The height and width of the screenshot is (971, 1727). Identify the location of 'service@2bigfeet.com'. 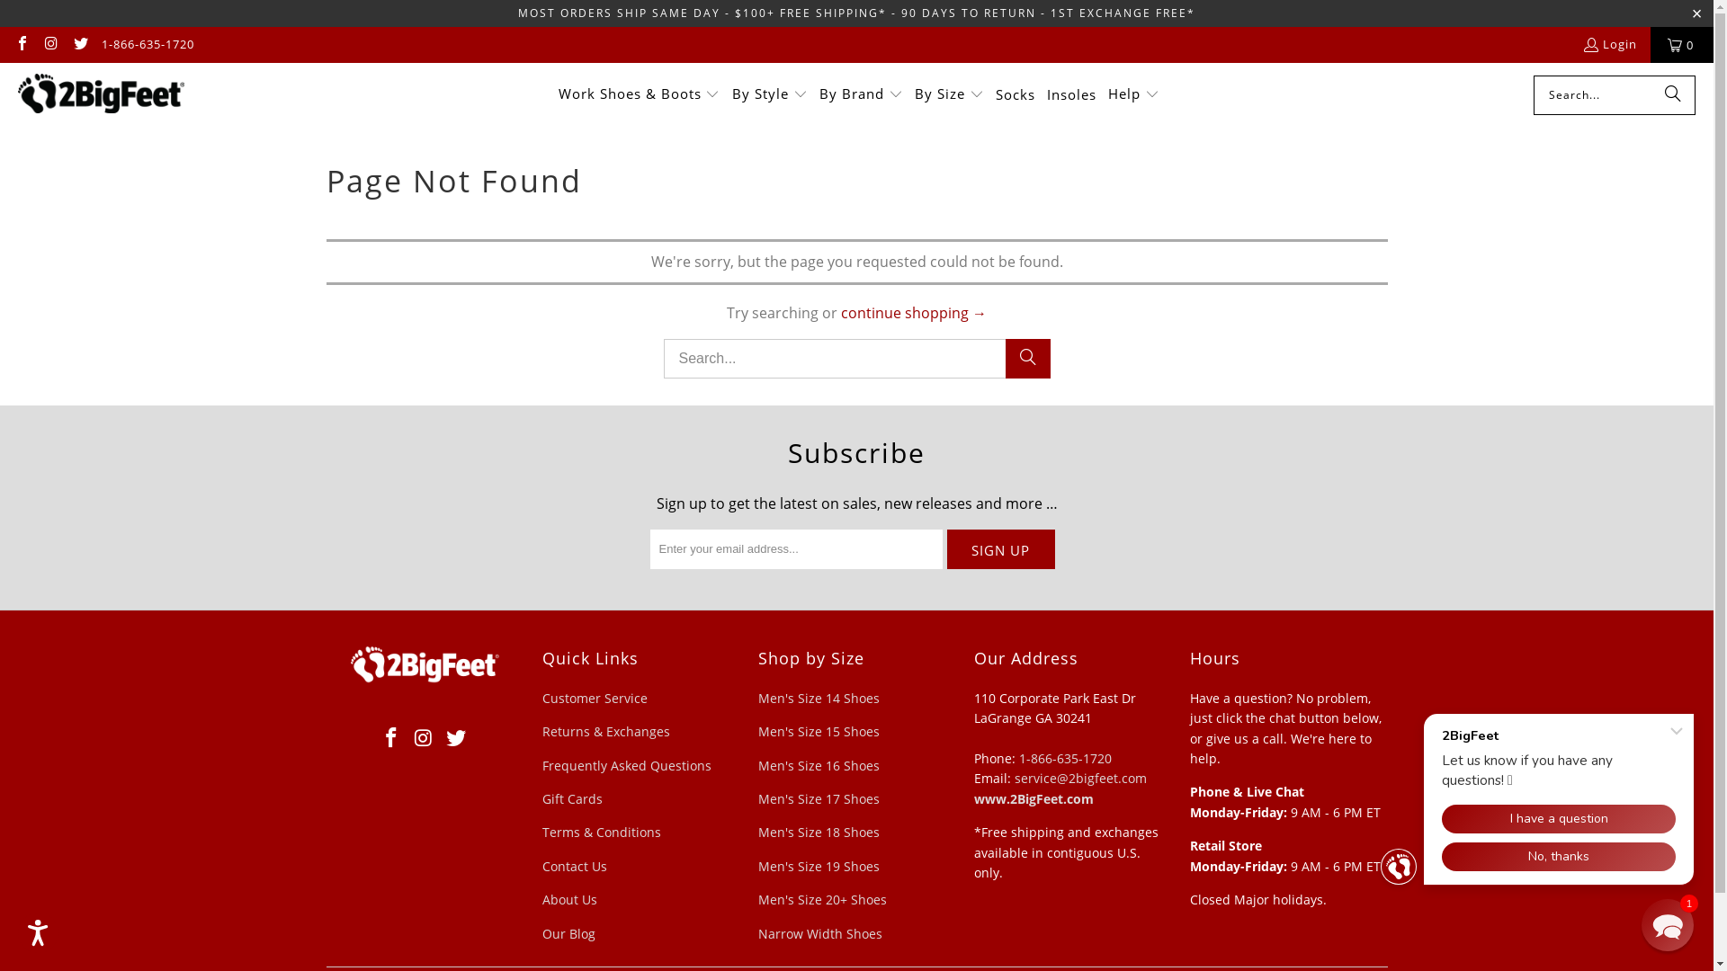
(1079, 777).